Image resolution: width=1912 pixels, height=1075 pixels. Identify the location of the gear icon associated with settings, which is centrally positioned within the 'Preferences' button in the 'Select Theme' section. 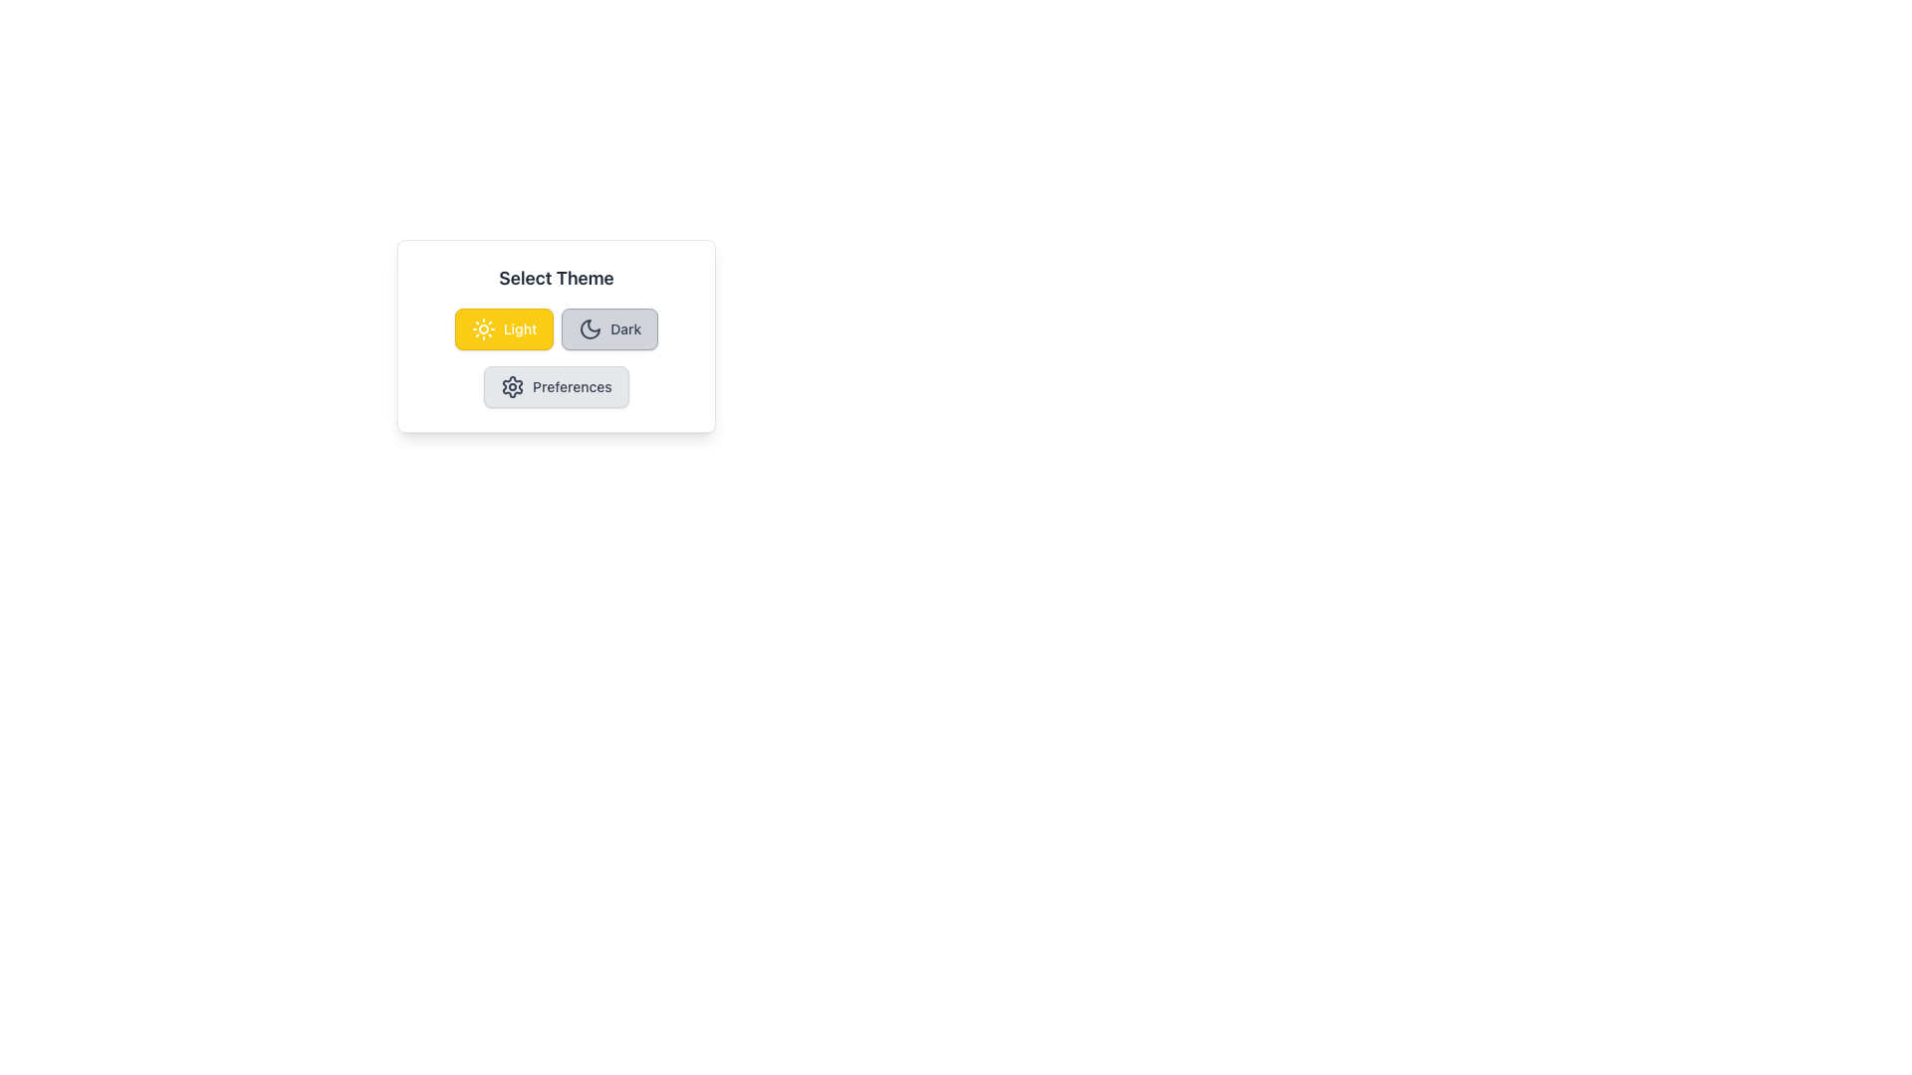
(513, 387).